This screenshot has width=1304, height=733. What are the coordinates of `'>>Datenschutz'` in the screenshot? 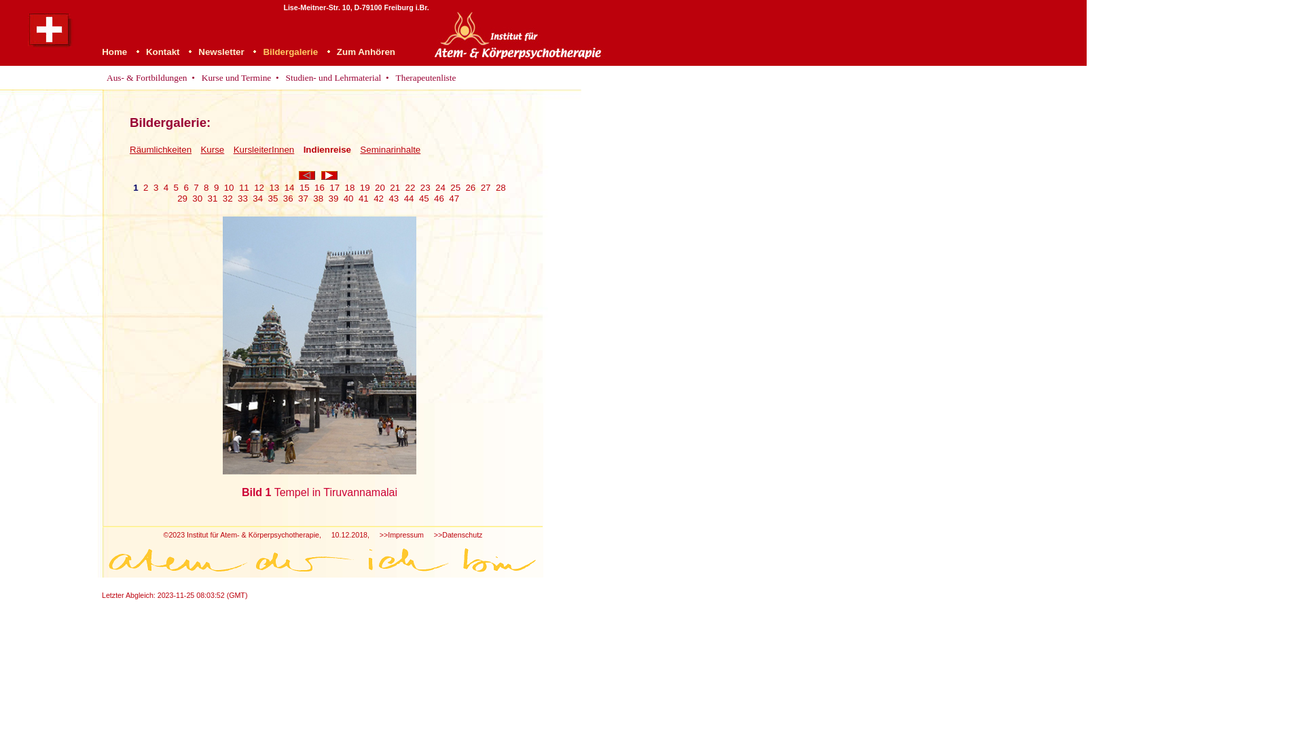 It's located at (458, 533).